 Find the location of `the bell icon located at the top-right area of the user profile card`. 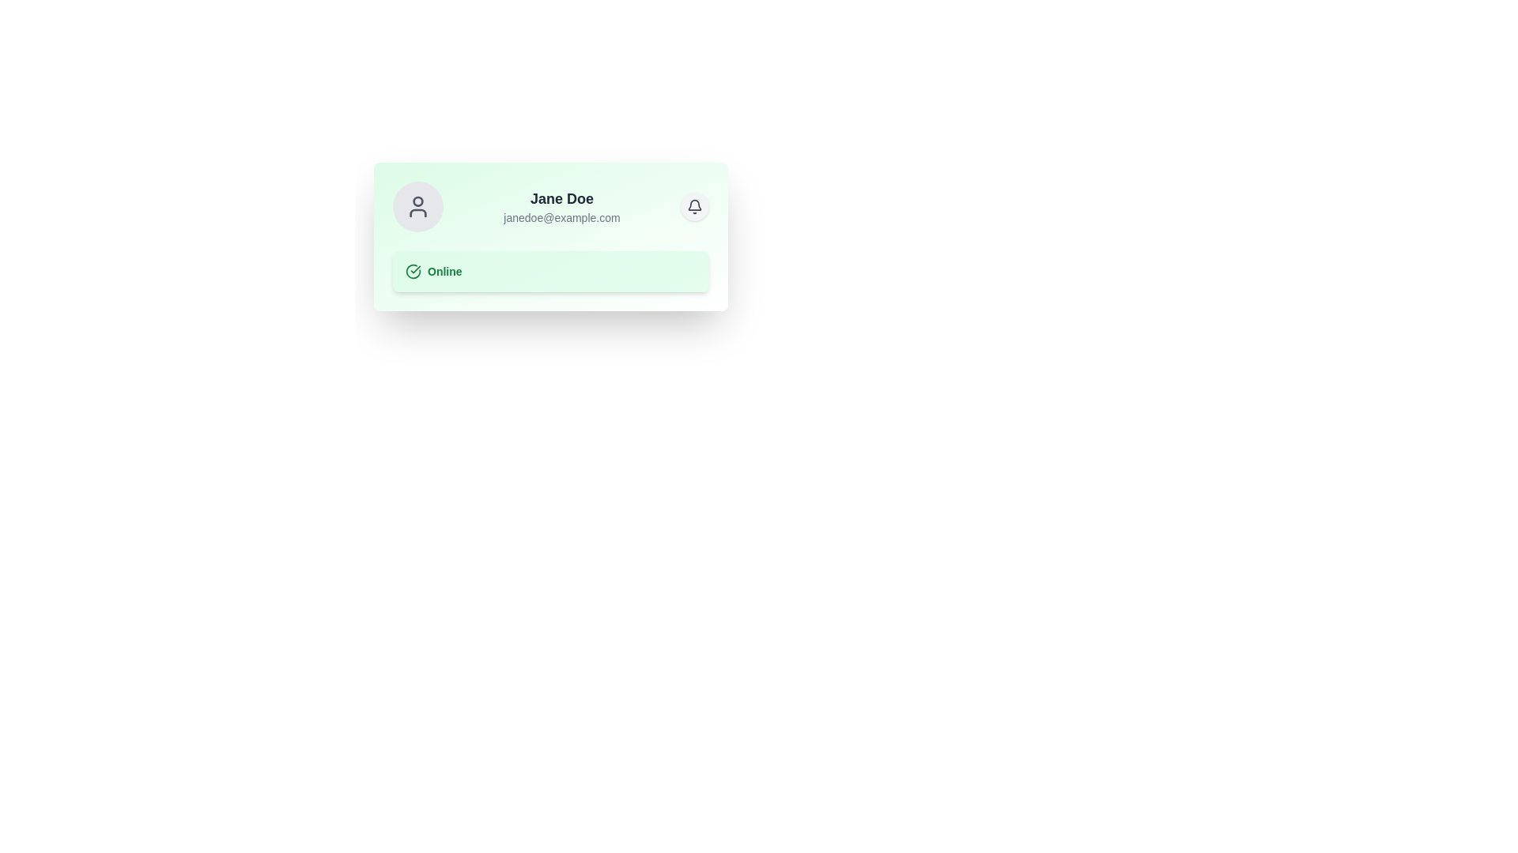

the bell icon located at the top-right area of the user profile card is located at coordinates (694, 206).